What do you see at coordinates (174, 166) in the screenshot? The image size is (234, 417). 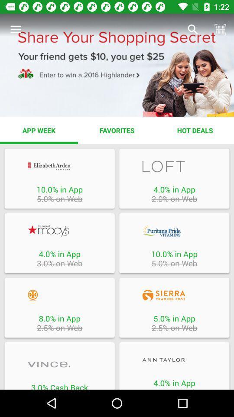 I see `vendor collection` at bounding box center [174, 166].